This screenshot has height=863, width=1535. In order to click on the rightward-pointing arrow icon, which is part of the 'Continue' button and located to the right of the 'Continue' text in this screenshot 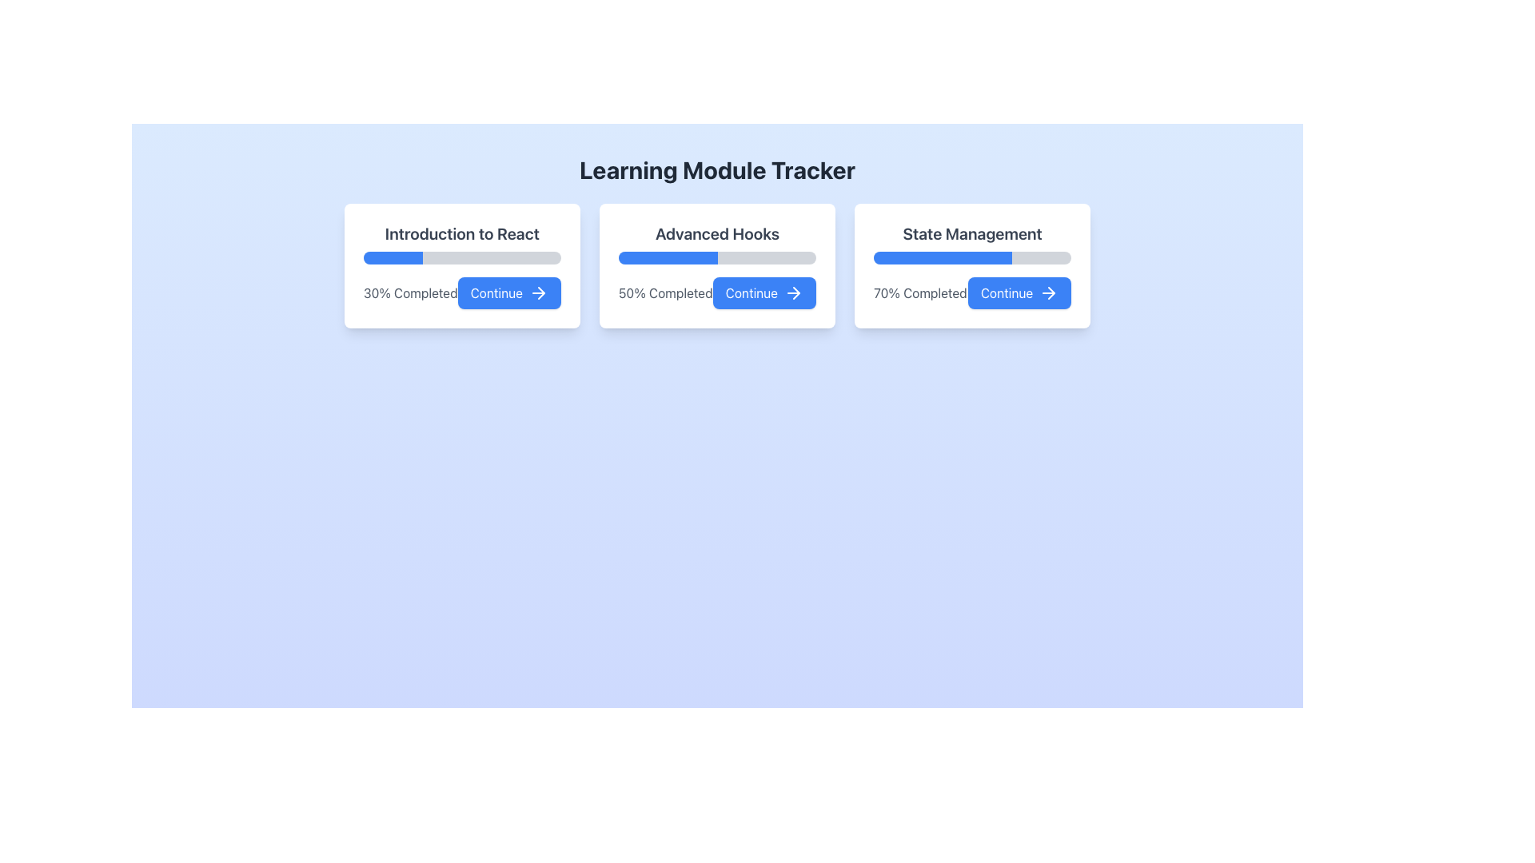, I will do `click(538, 292)`.